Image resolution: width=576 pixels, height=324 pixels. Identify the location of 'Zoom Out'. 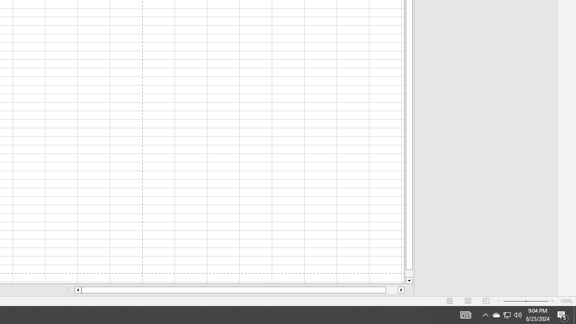
(514, 301).